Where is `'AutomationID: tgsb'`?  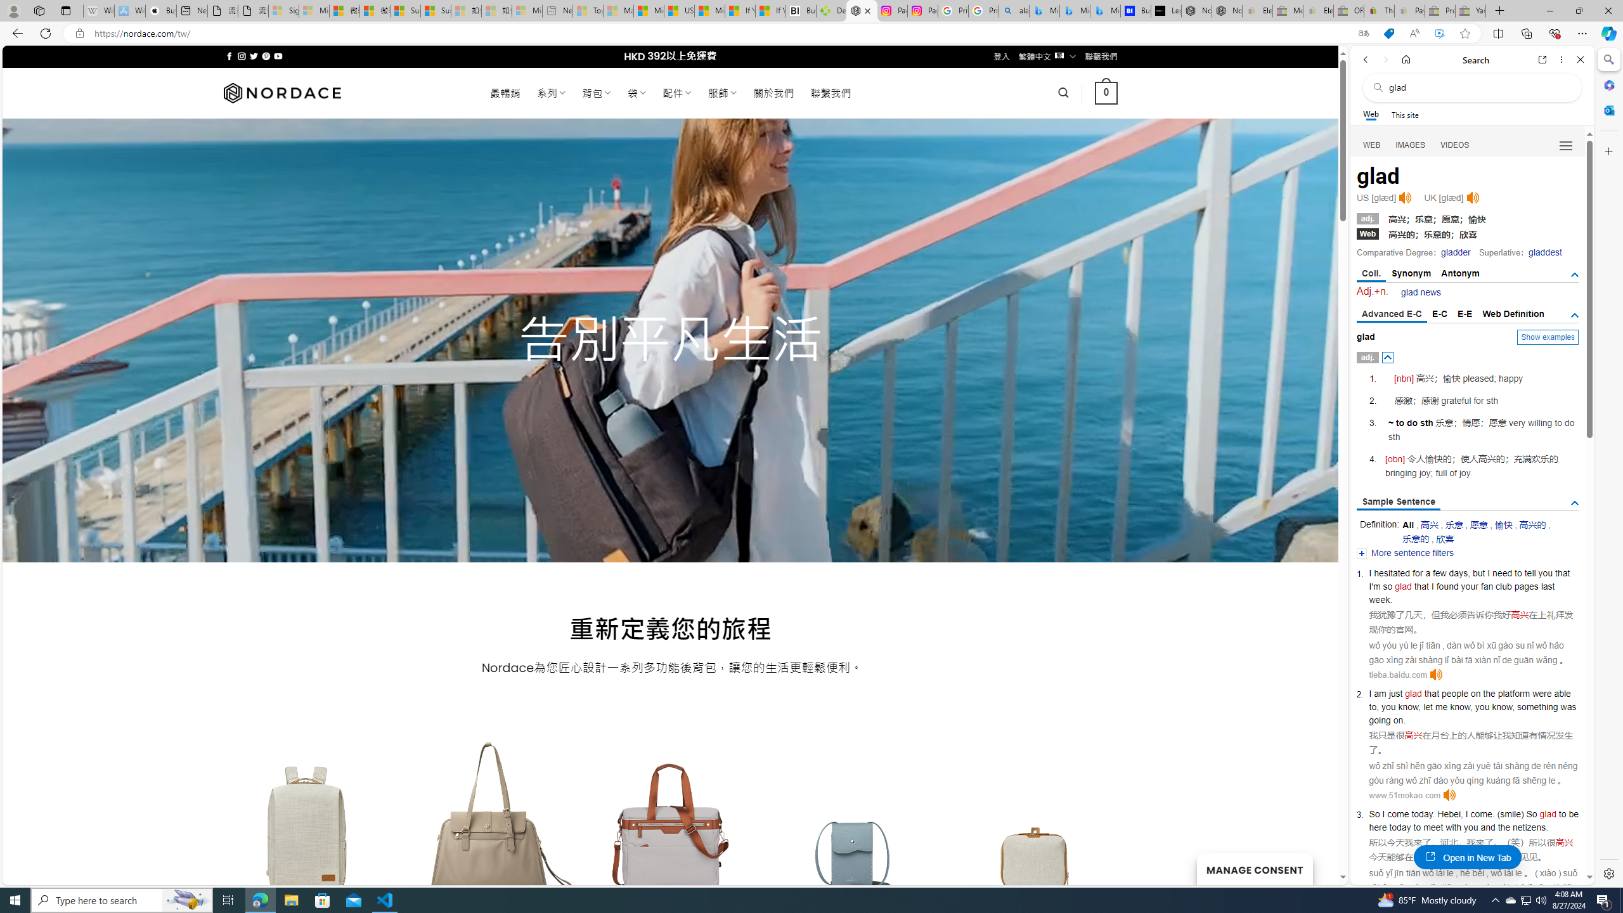 'AutomationID: tgsb' is located at coordinates (1574, 275).